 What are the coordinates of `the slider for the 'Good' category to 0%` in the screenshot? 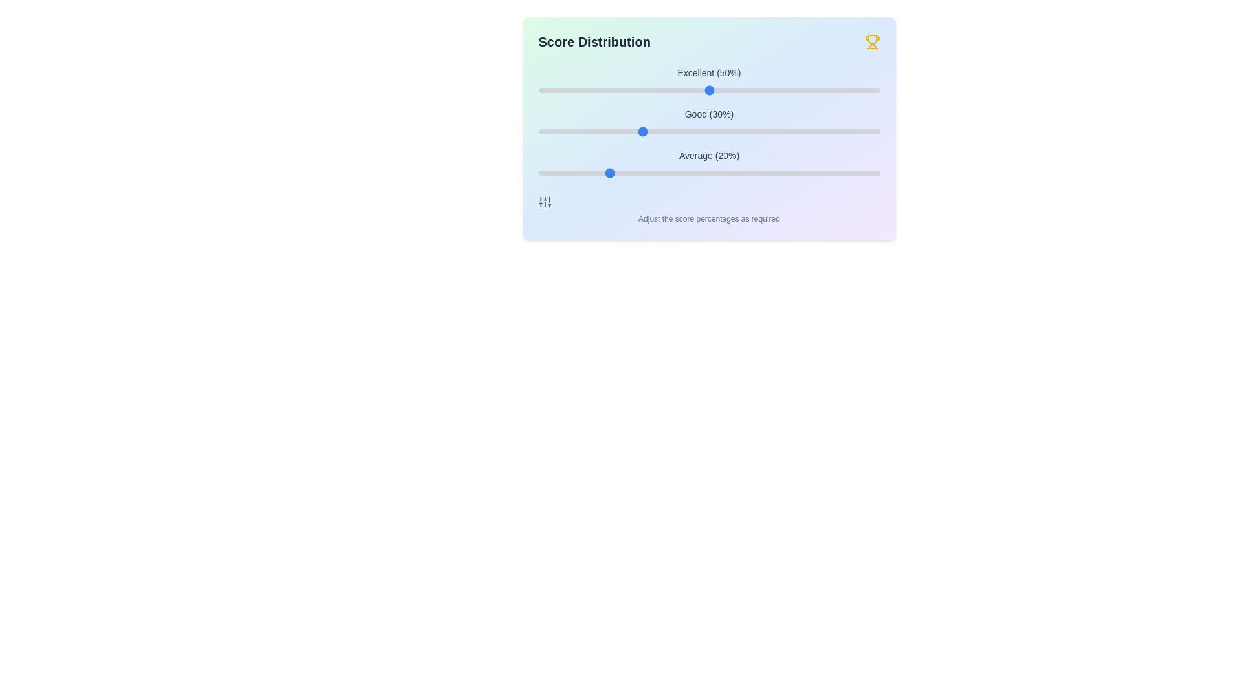 It's located at (538, 132).